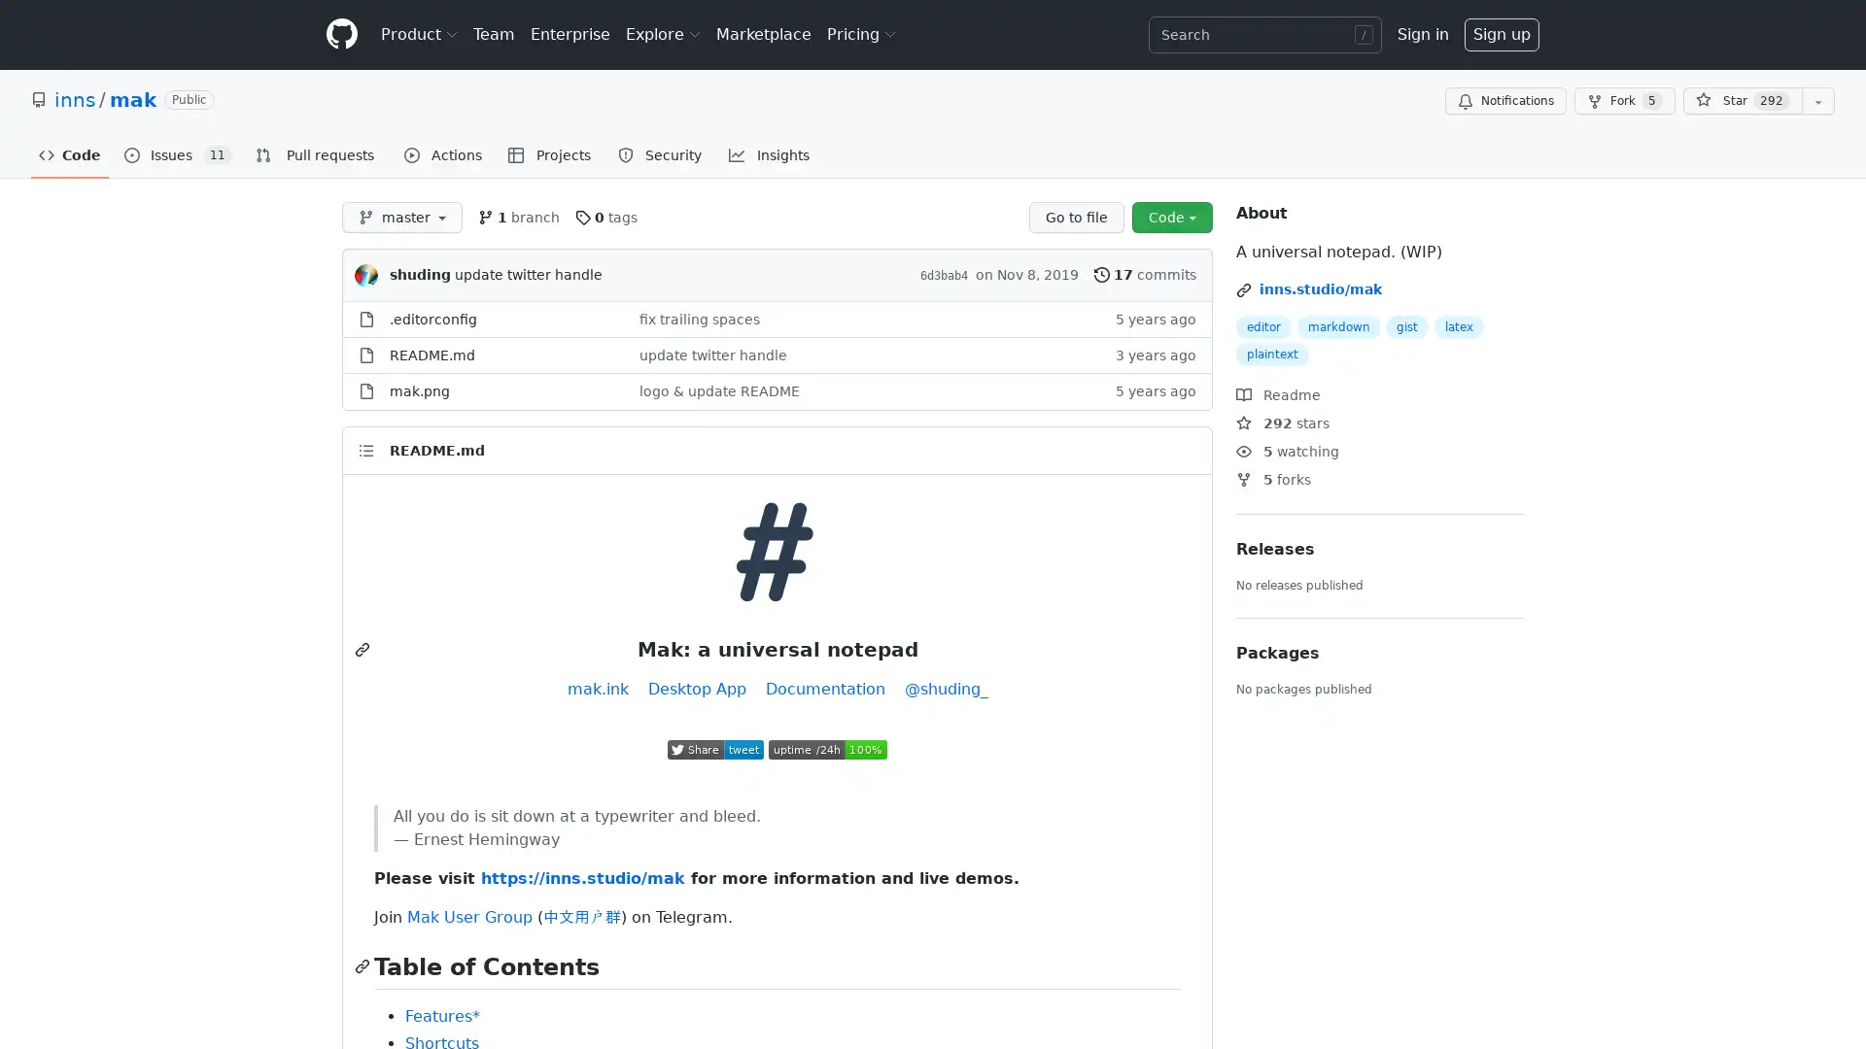 The image size is (1866, 1049). Describe the element at coordinates (1817, 101) in the screenshot. I see `You must be signed in to add this repository to a list` at that location.